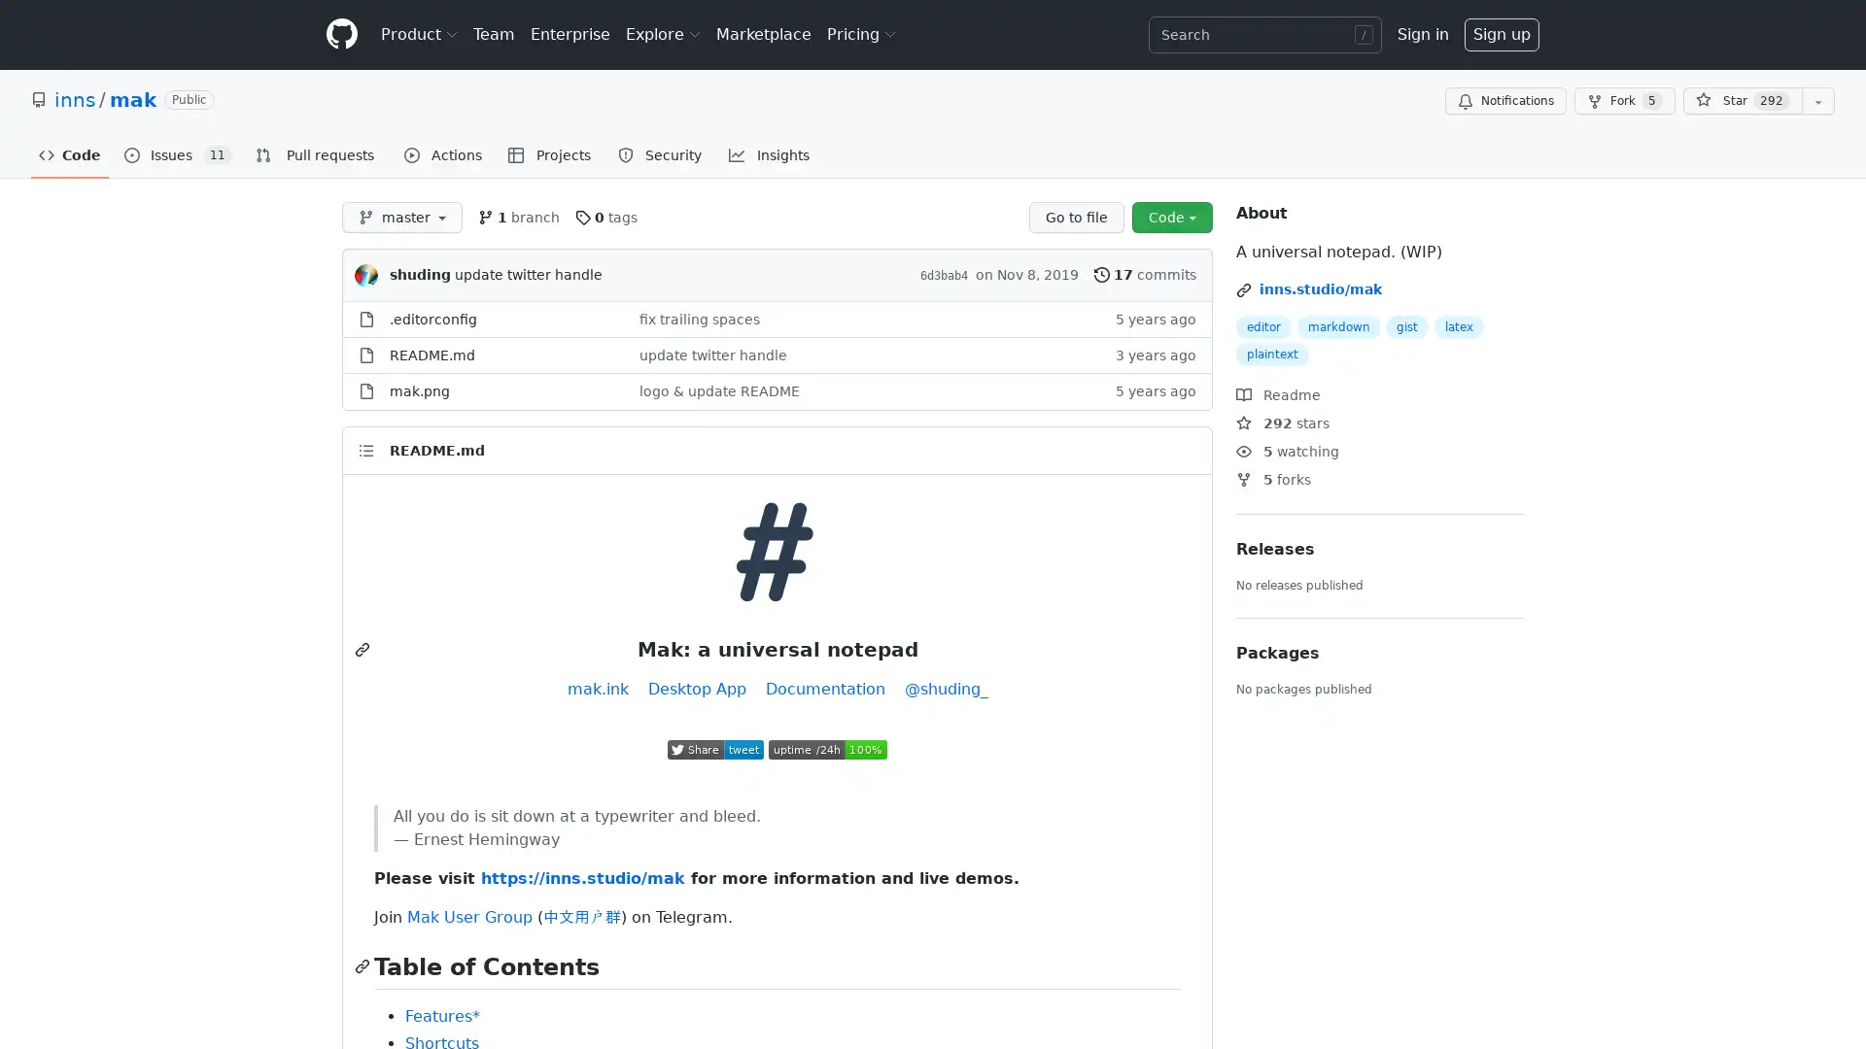 The image size is (1866, 1049). Describe the element at coordinates (1817, 101) in the screenshot. I see `You must be signed in to add this repository to a list` at that location.